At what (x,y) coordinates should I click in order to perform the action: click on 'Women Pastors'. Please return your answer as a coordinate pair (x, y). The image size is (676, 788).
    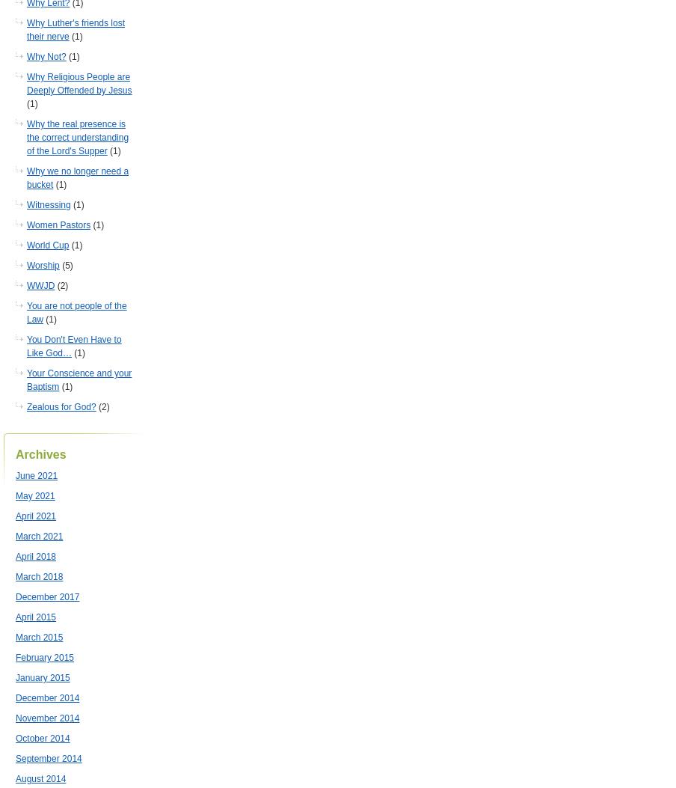
    Looking at the image, I should click on (58, 225).